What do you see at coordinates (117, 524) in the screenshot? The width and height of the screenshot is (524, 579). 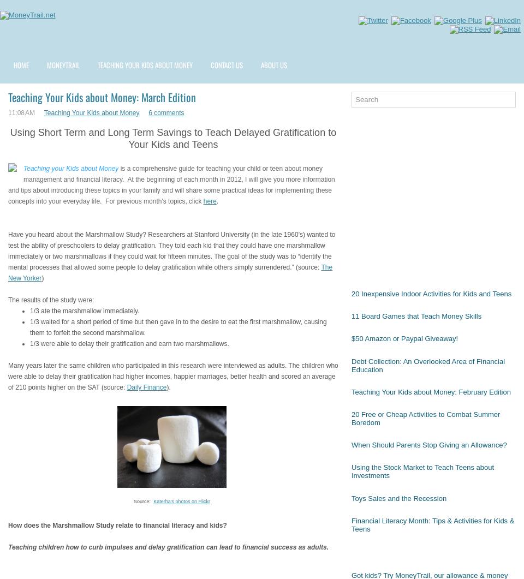 I see `'How does the
Marshmallow Study relate to financial literacy and kids?'` at bounding box center [117, 524].